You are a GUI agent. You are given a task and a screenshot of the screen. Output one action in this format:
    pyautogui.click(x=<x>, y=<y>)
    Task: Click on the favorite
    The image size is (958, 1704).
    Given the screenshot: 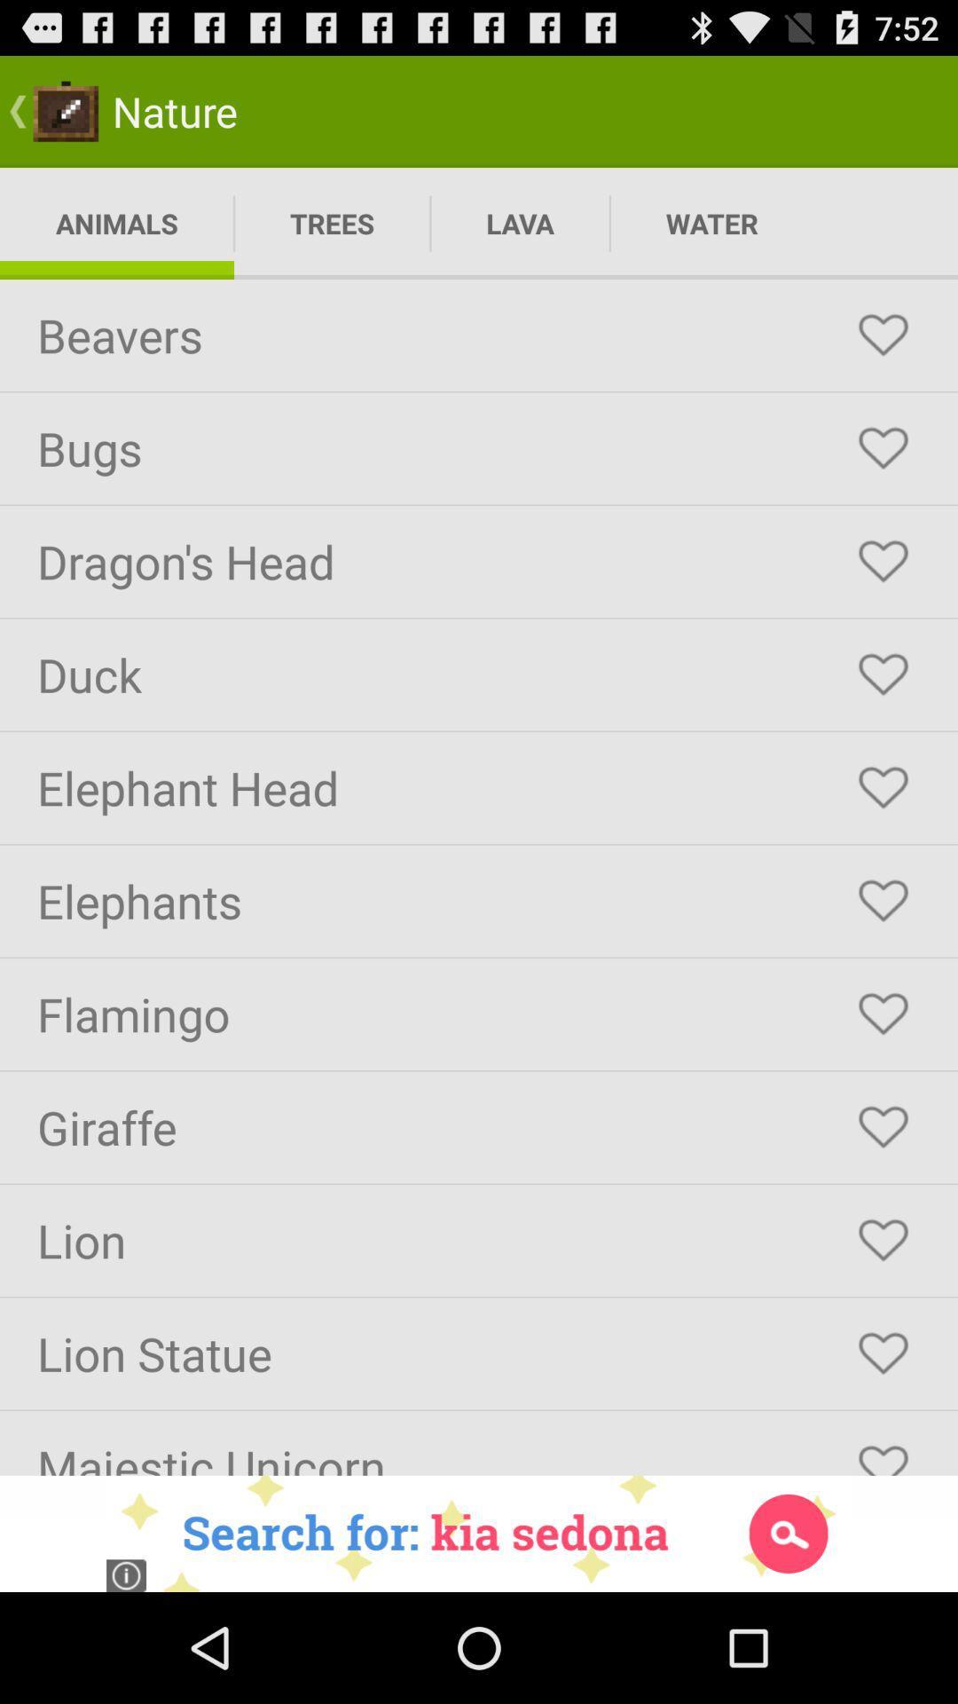 What is the action you would take?
    pyautogui.click(x=883, y=901)
    